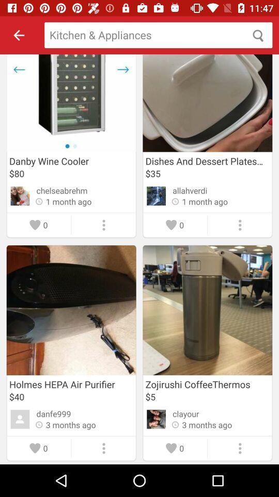  I want to click on the clayour item, so click(185, 414).